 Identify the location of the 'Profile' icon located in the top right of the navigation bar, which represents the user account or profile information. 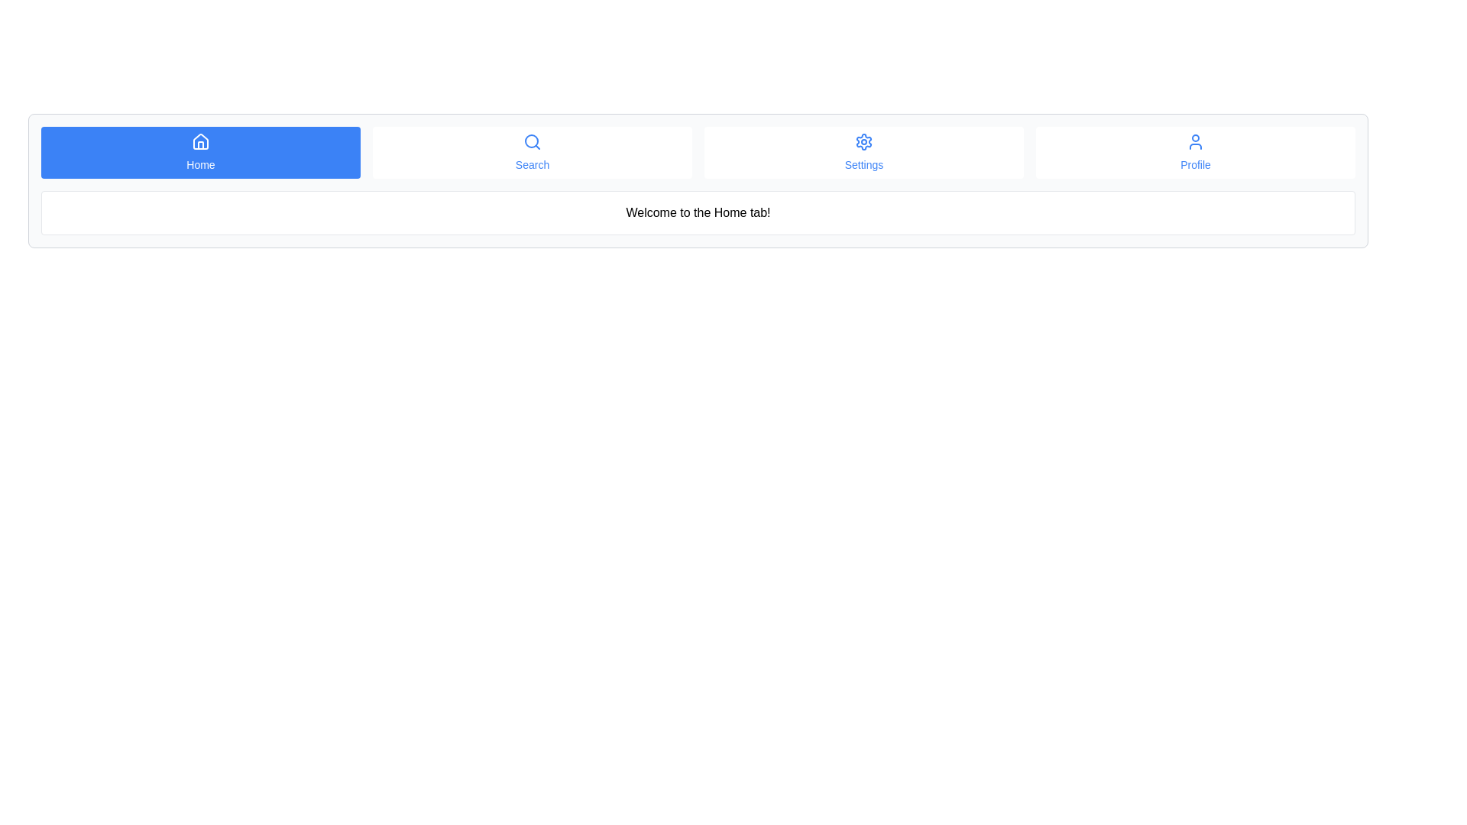
(1194, 141).